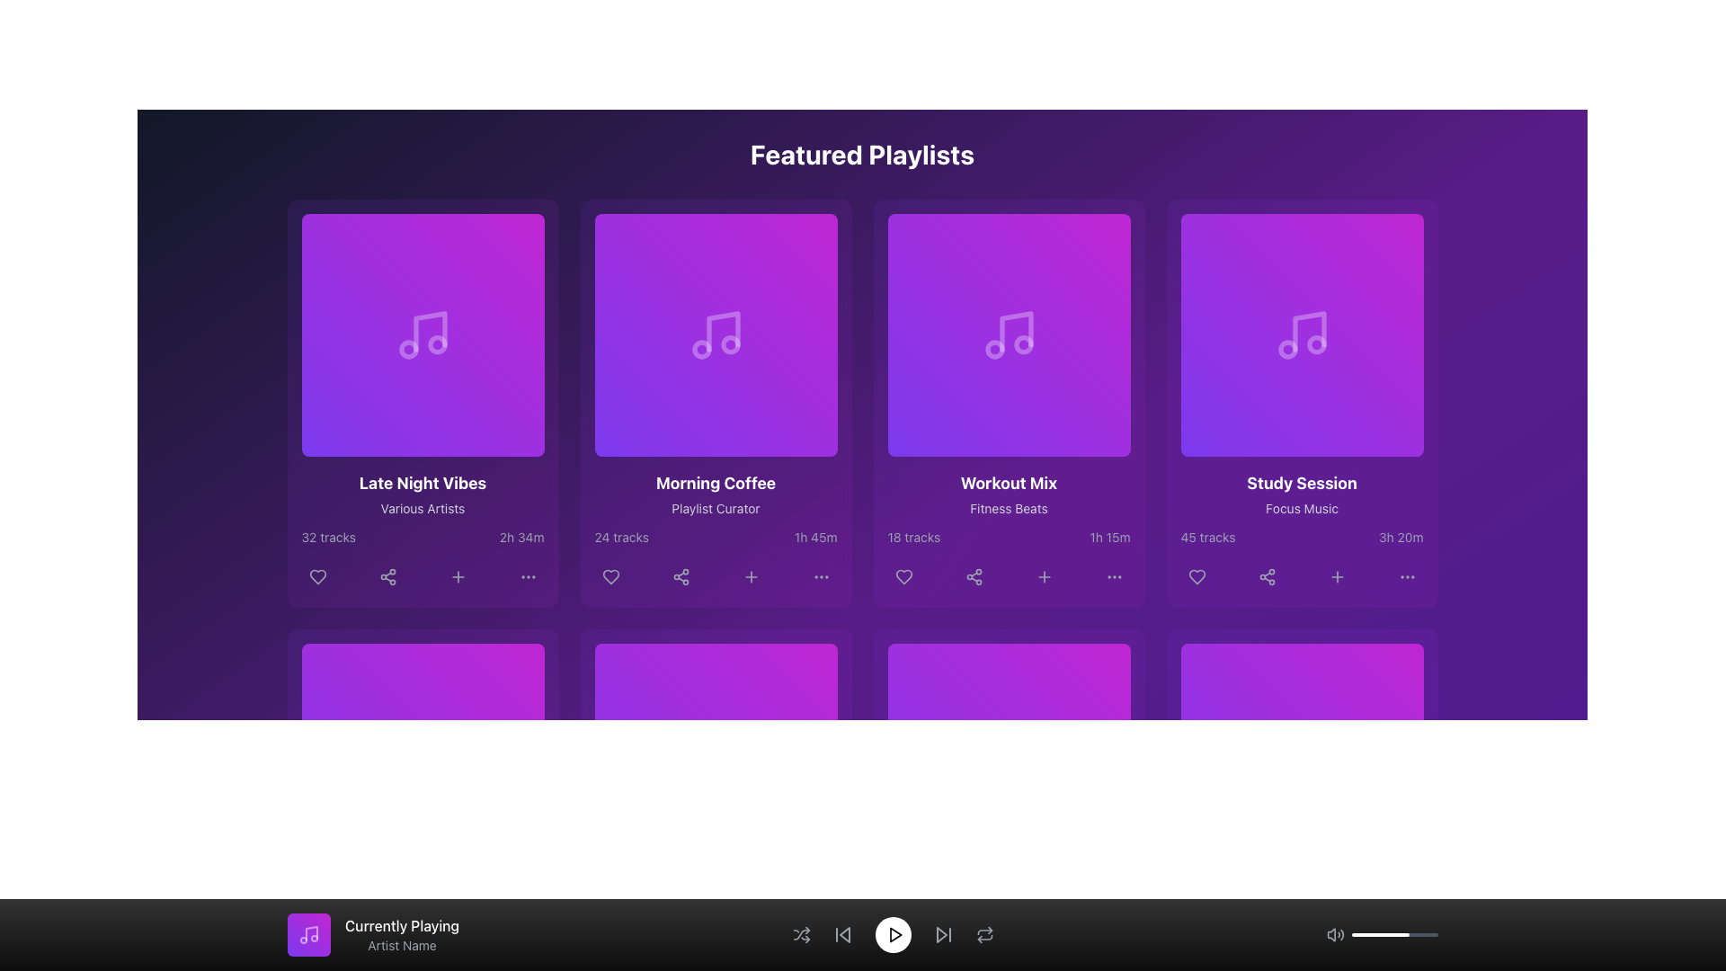  I want to click on the 'Workout Mix' button located at the bottom center of the 'Workout Mix' card, which is the third button in a group of similar buttons, so click(1044, 576).